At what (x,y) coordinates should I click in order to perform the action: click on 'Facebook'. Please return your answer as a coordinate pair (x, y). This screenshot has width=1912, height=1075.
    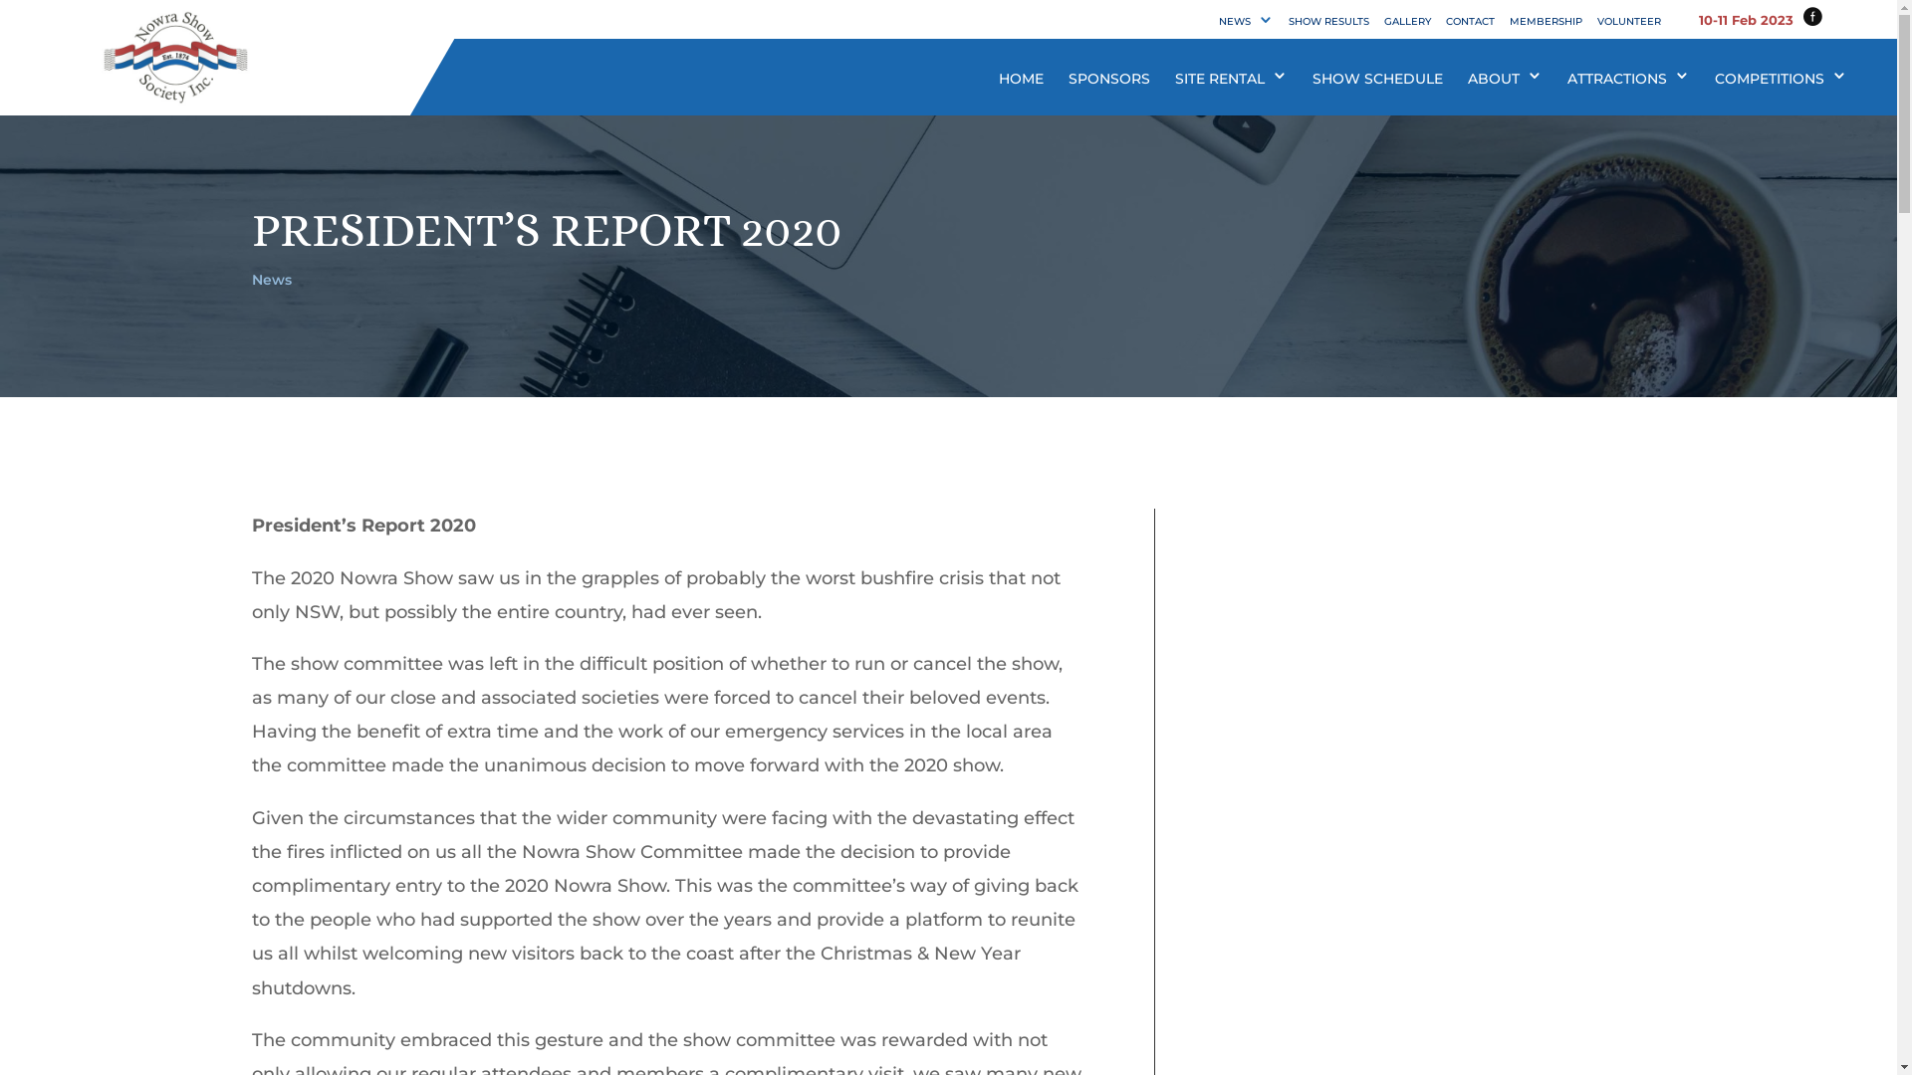
    Looking at the image, I should click on (1802, 18).